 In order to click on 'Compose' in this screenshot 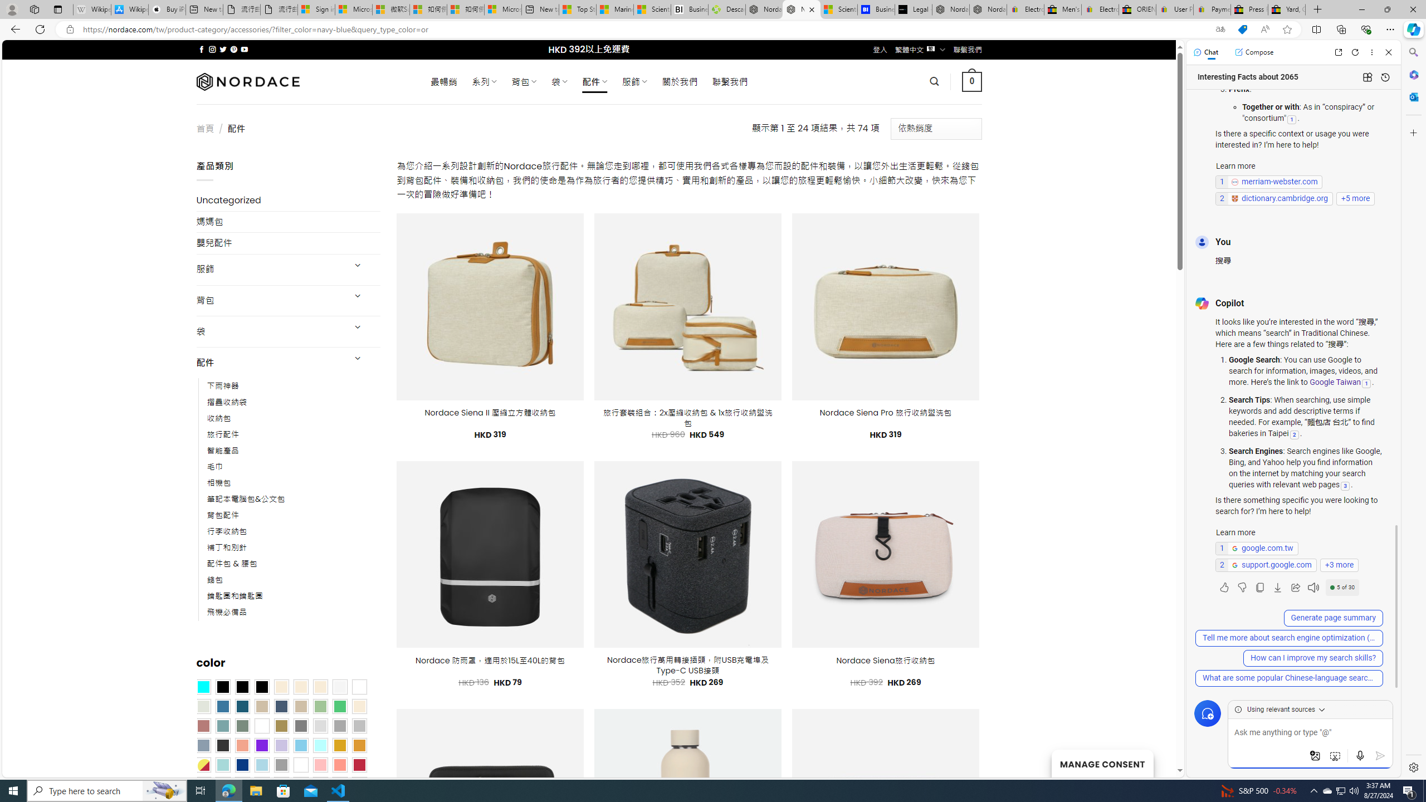, I will do `click(1253, 51)`.